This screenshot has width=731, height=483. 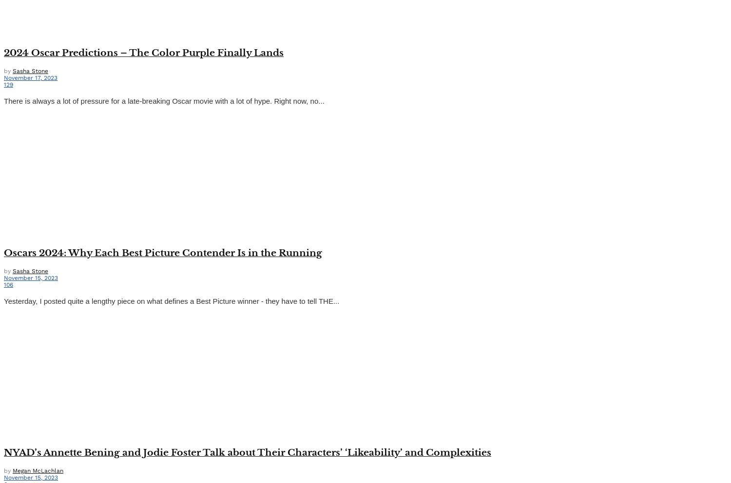 I want to click on 'Oscars 2024: Why Each Best Picture Contender Is in the Running', so click(x=162, y=252).